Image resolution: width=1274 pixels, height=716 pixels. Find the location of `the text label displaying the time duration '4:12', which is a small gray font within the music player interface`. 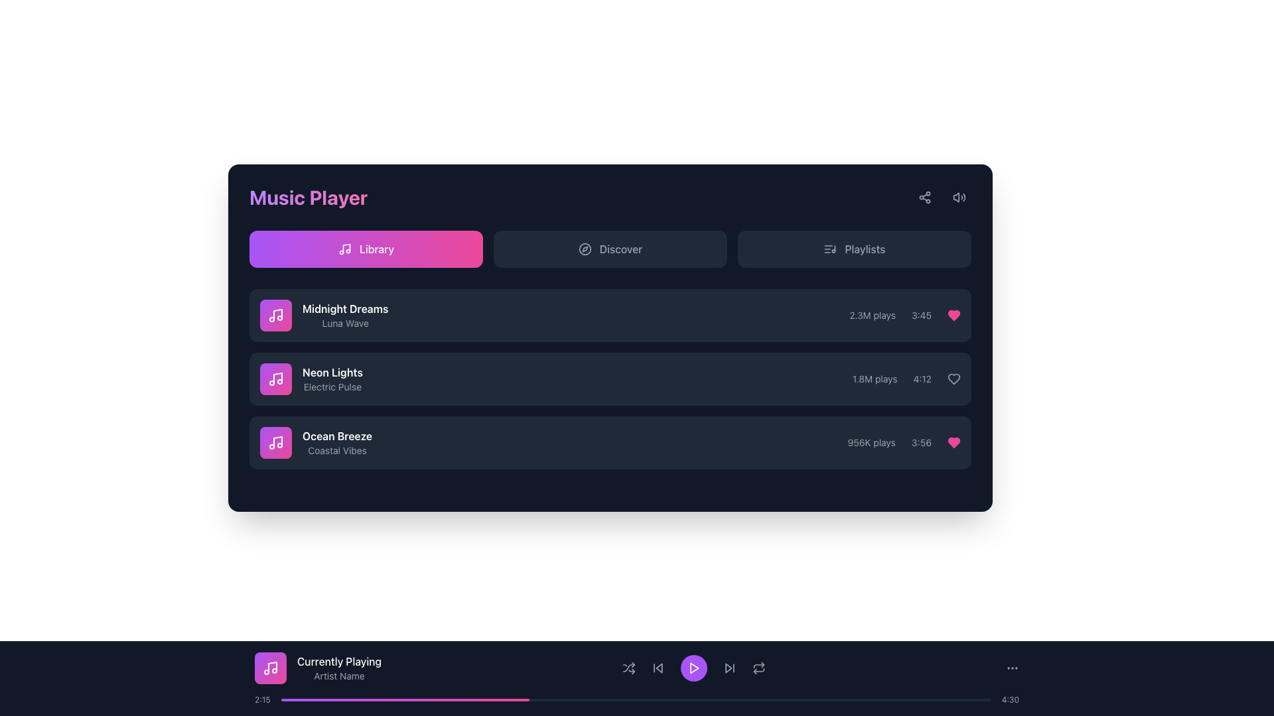

the text label displaying the time duration '4:12', which is a small gray font within the music player interface is located at coordinates (922, 379).